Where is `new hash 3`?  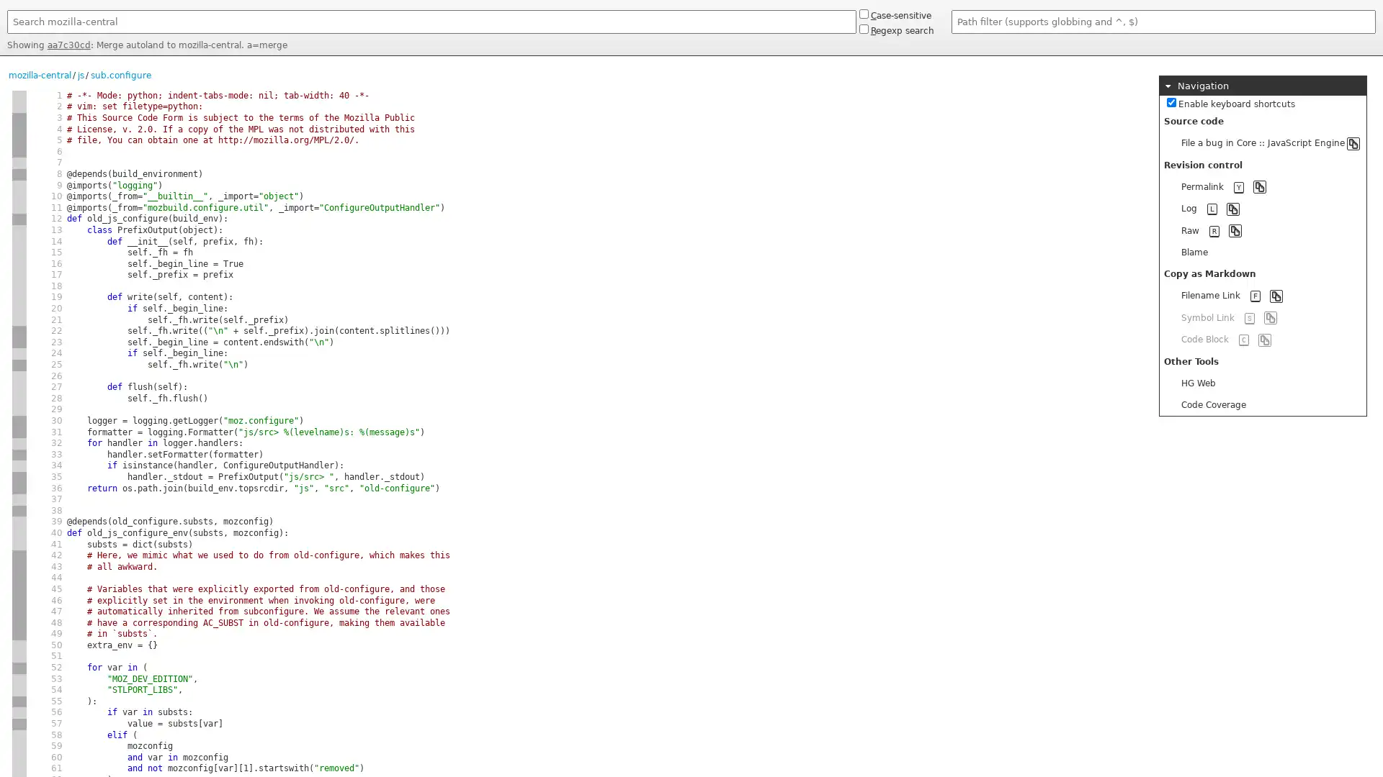
new hash 3 is located at coordinates (19, 364).